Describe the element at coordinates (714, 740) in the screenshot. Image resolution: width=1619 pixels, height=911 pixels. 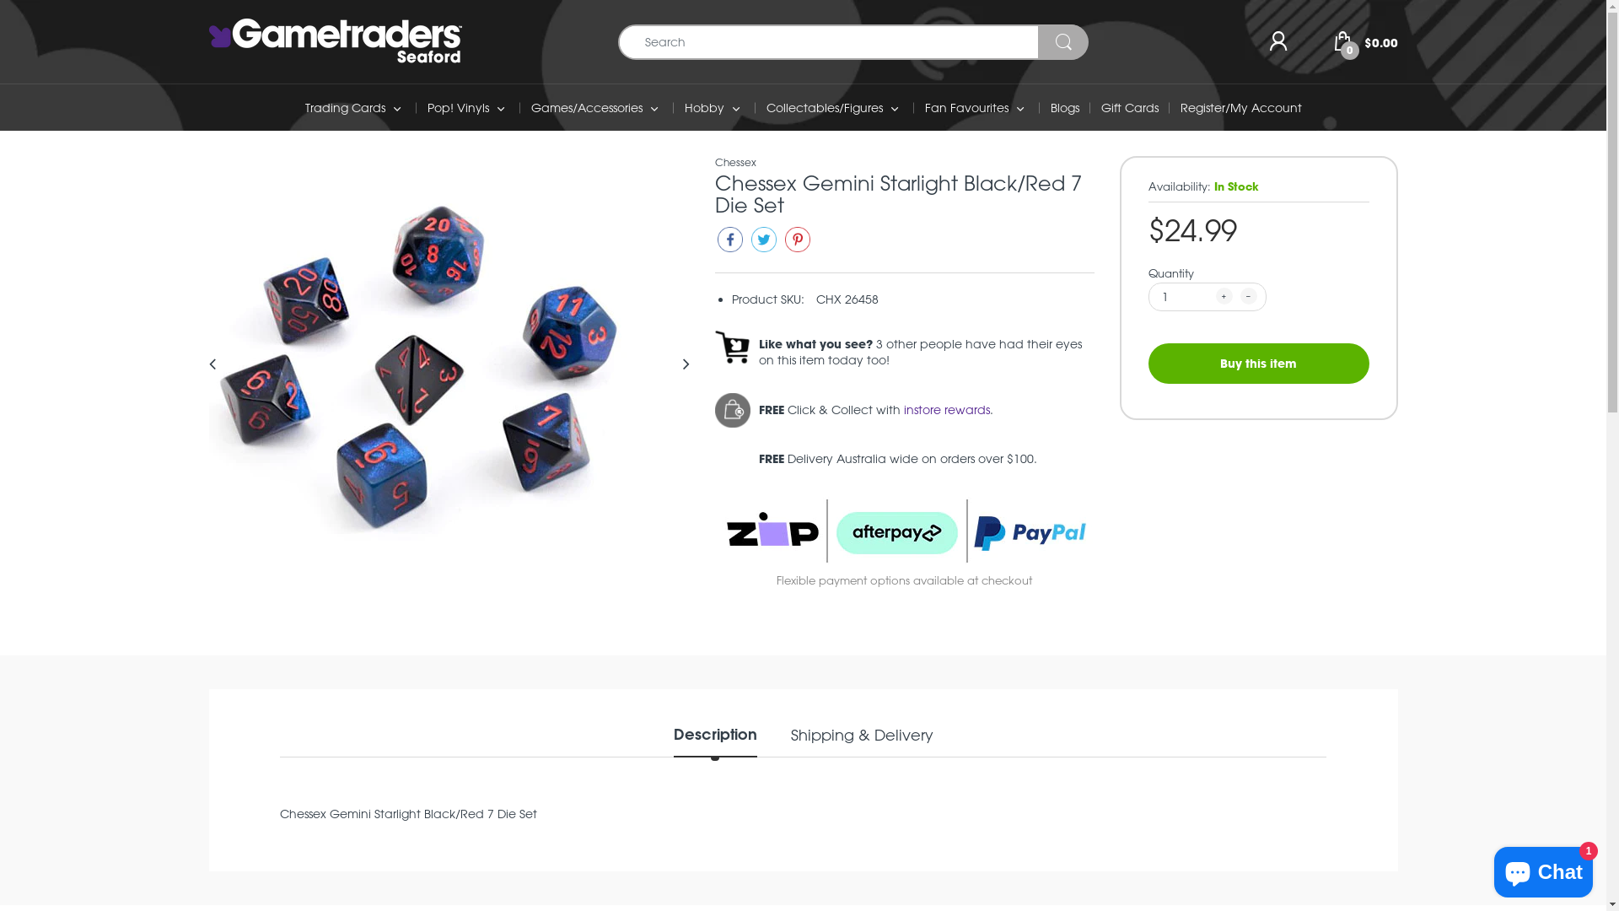
I see `'Description'` at that location.